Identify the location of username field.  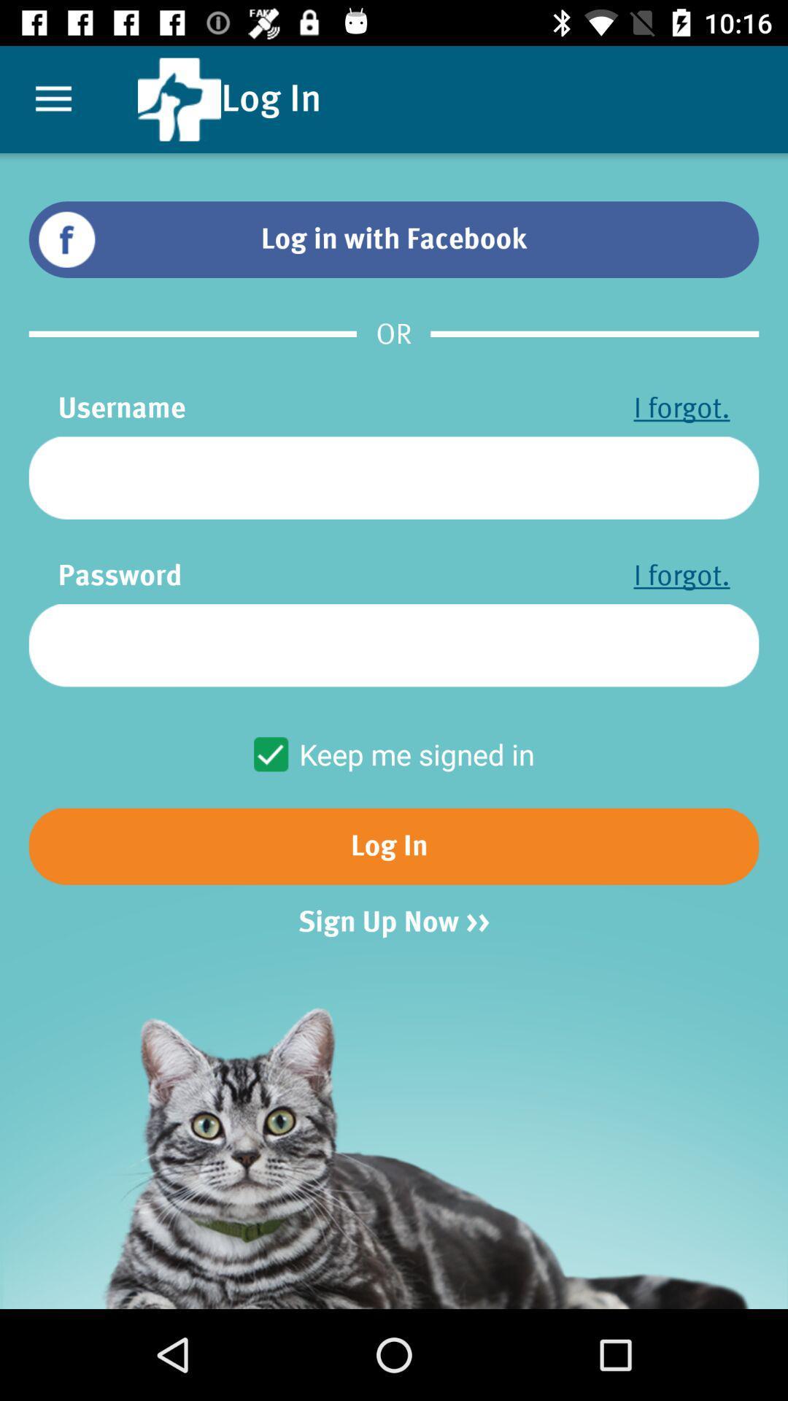
(394, 478).